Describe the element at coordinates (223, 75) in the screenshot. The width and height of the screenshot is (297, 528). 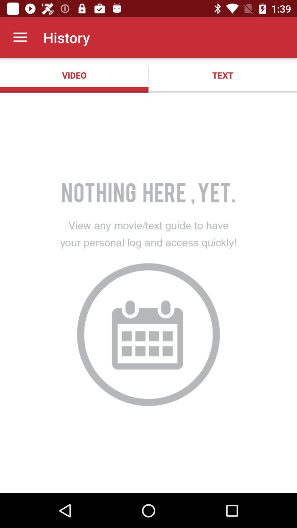
I see `icon at the top right corner` at that location.